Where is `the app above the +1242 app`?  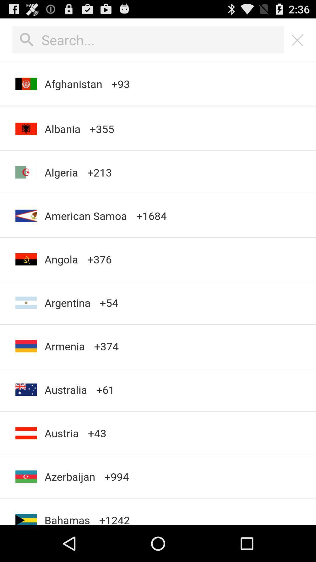 the app above the +1242 app is located at coordinates (116, 477).